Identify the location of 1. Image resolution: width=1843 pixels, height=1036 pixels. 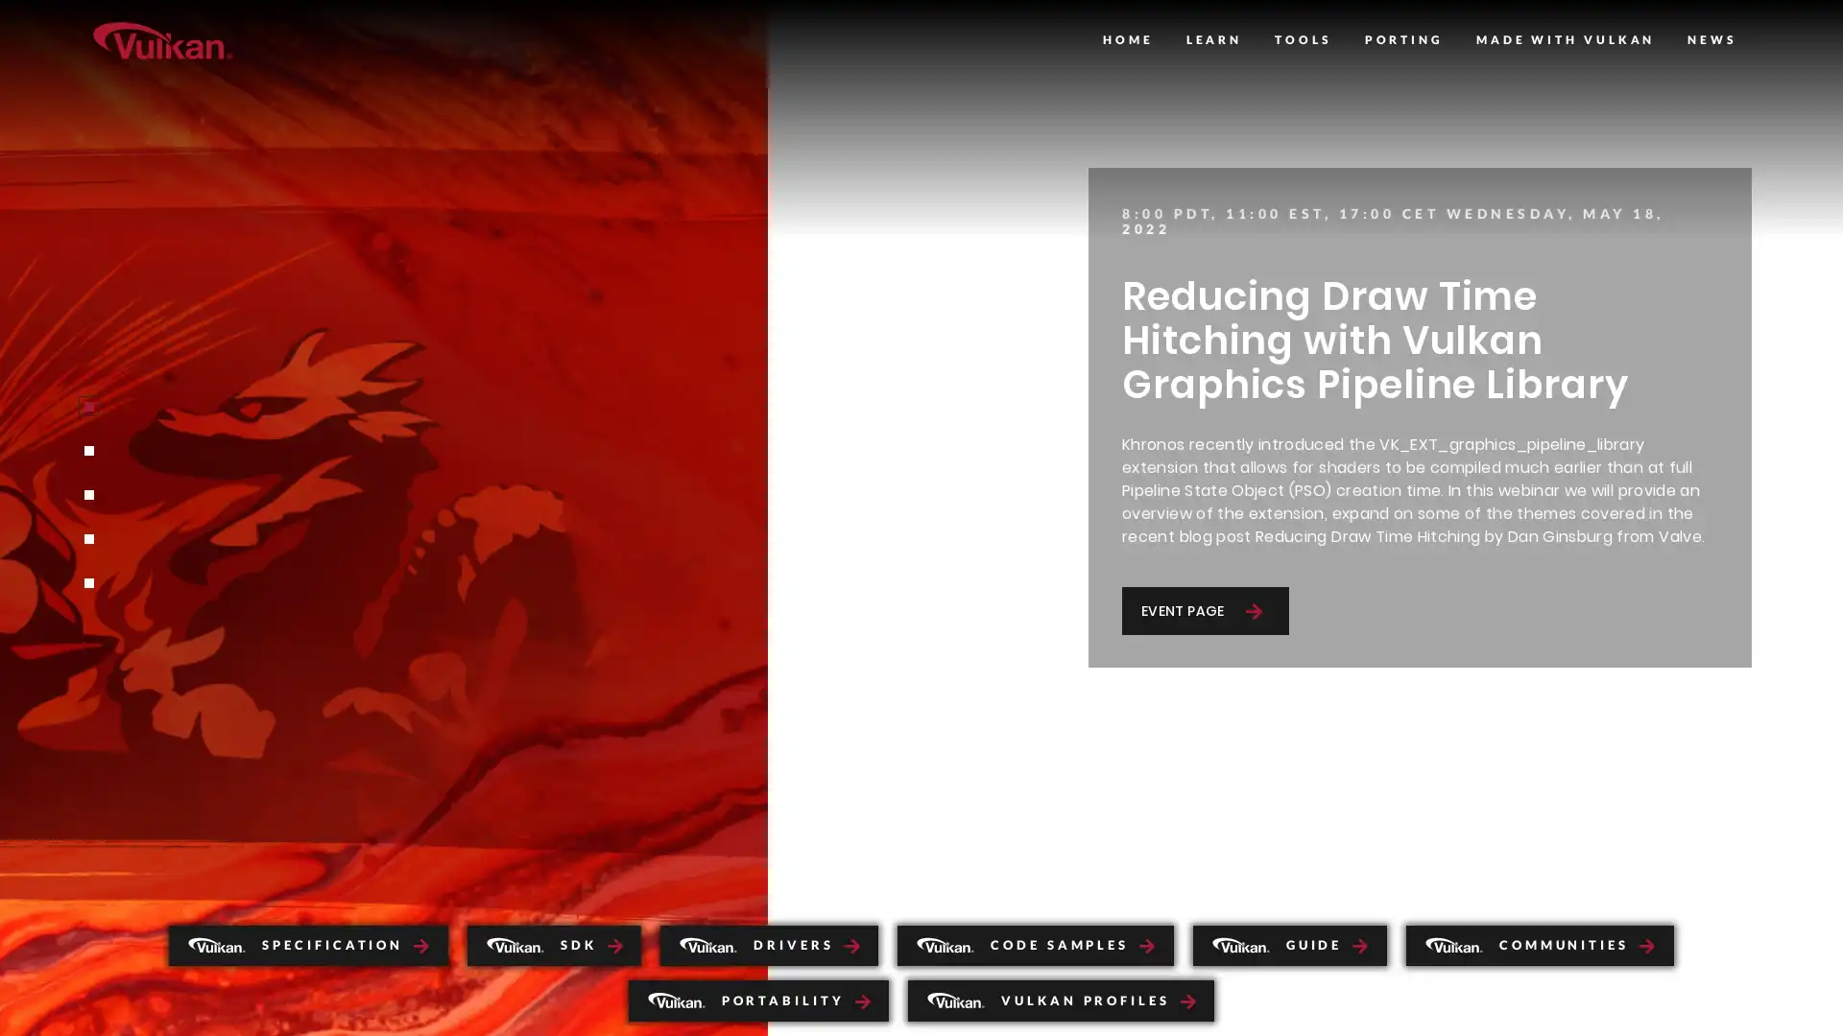
(86, 406).